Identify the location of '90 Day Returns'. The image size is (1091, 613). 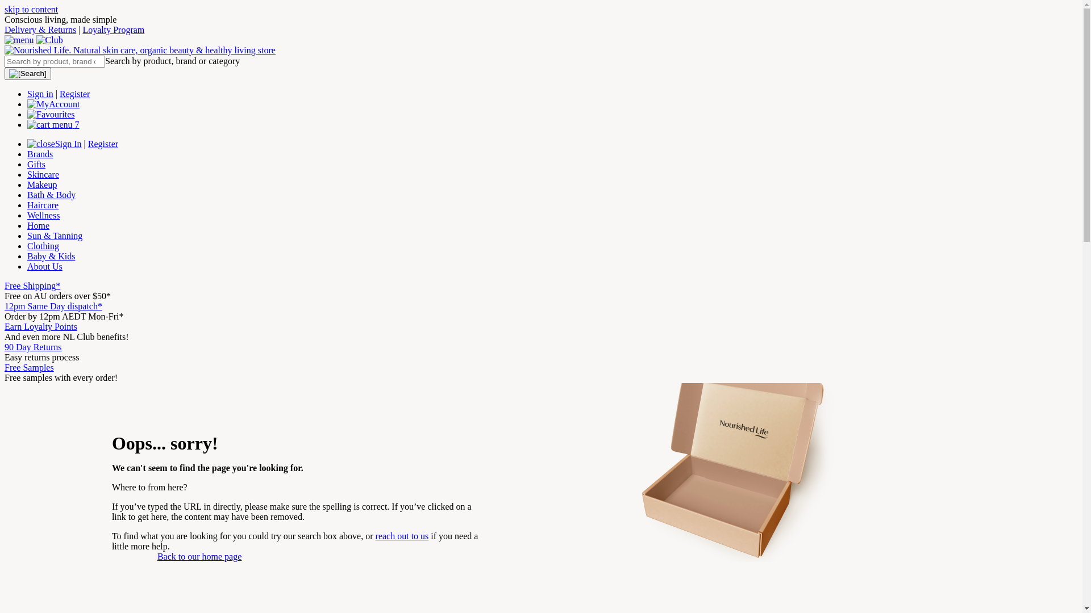
(32, 346).